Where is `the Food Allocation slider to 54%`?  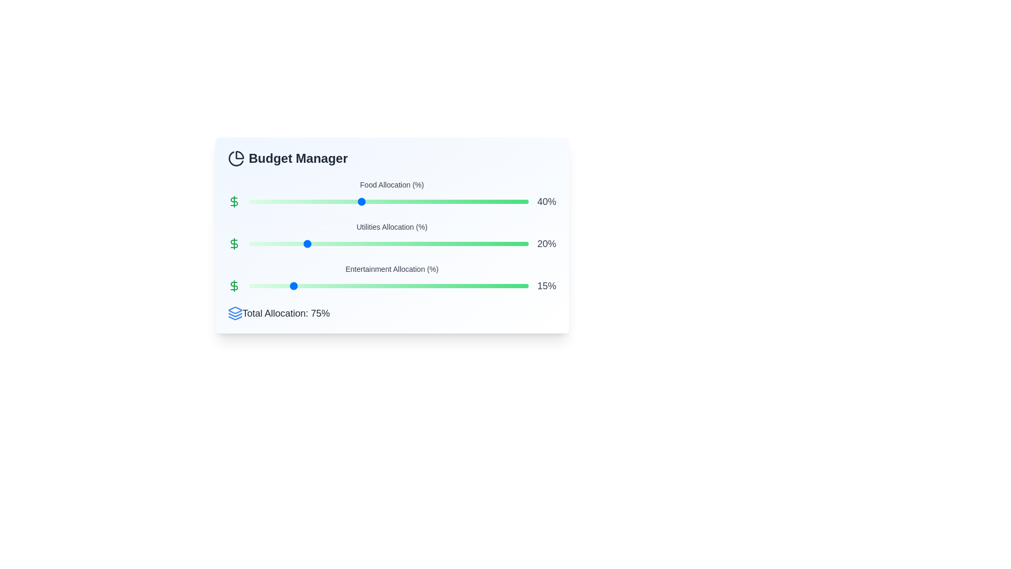 the Food Allocation slider to 54% is located at coordinates (399, 201).